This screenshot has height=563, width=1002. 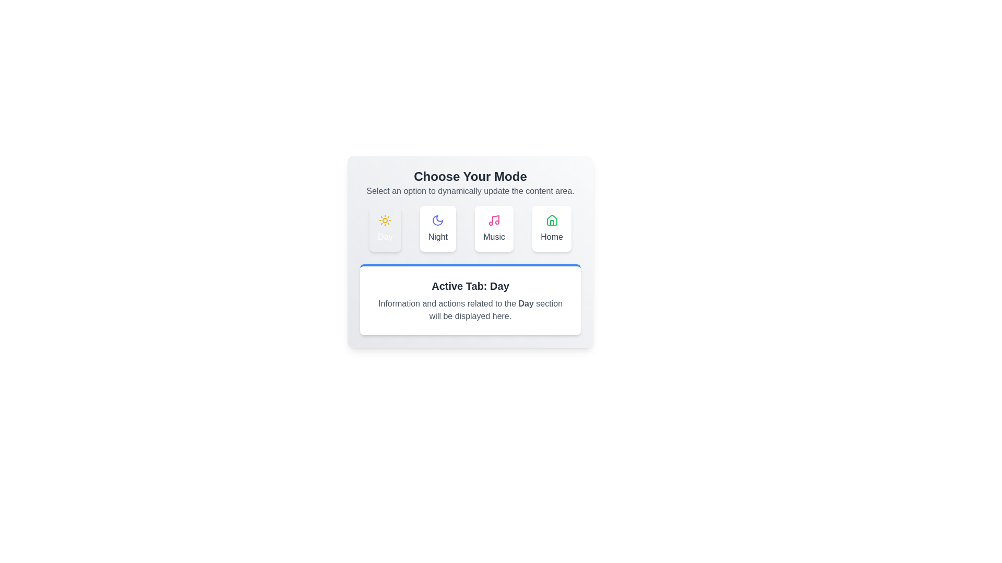 What do you see at coordinates (551, 219) in the screenshot?
I see `the green house icon representing 'Home' mode in the 'Choose Your Mode' group` at bounding box center [551, 219].